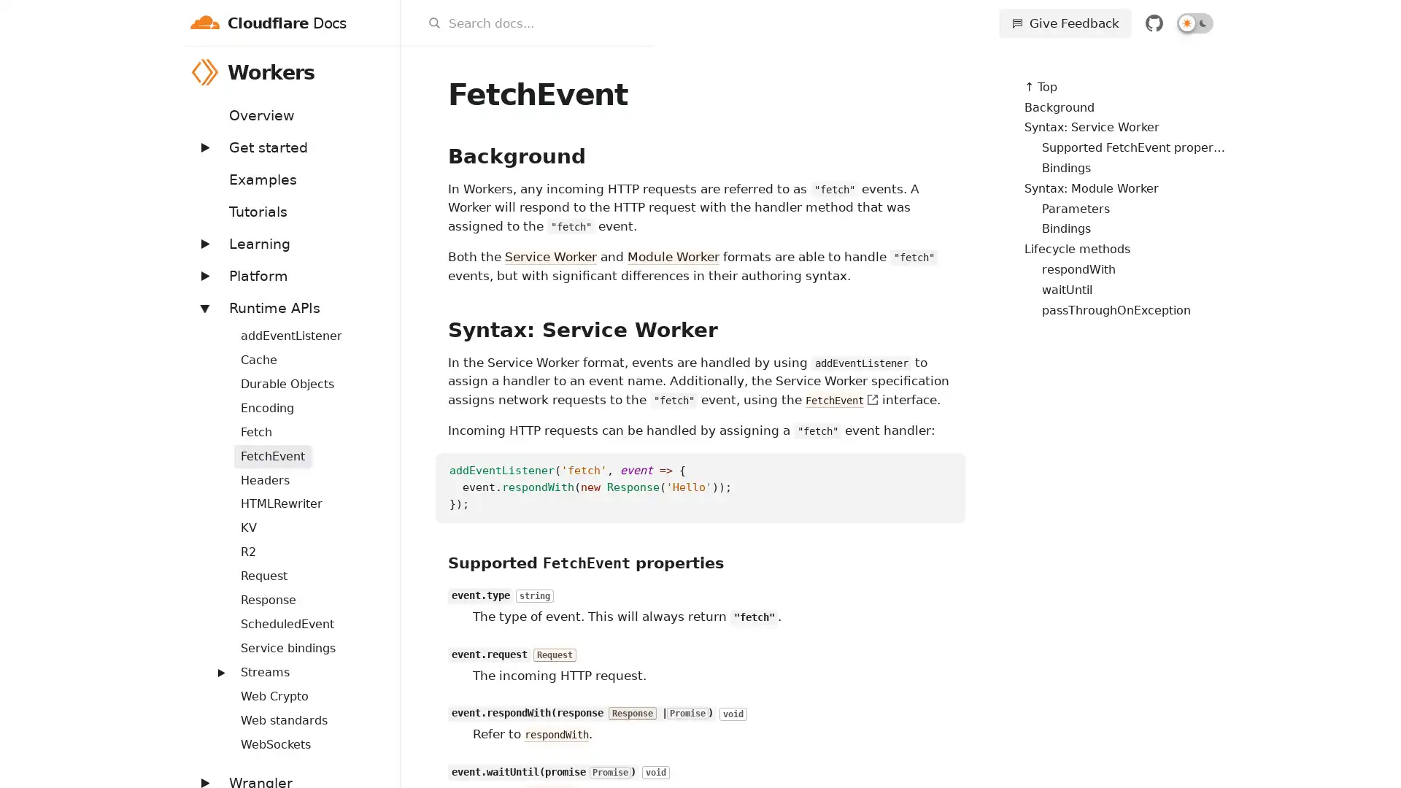  I want to click on Expand: Runtime APIs, so click(203, 306).